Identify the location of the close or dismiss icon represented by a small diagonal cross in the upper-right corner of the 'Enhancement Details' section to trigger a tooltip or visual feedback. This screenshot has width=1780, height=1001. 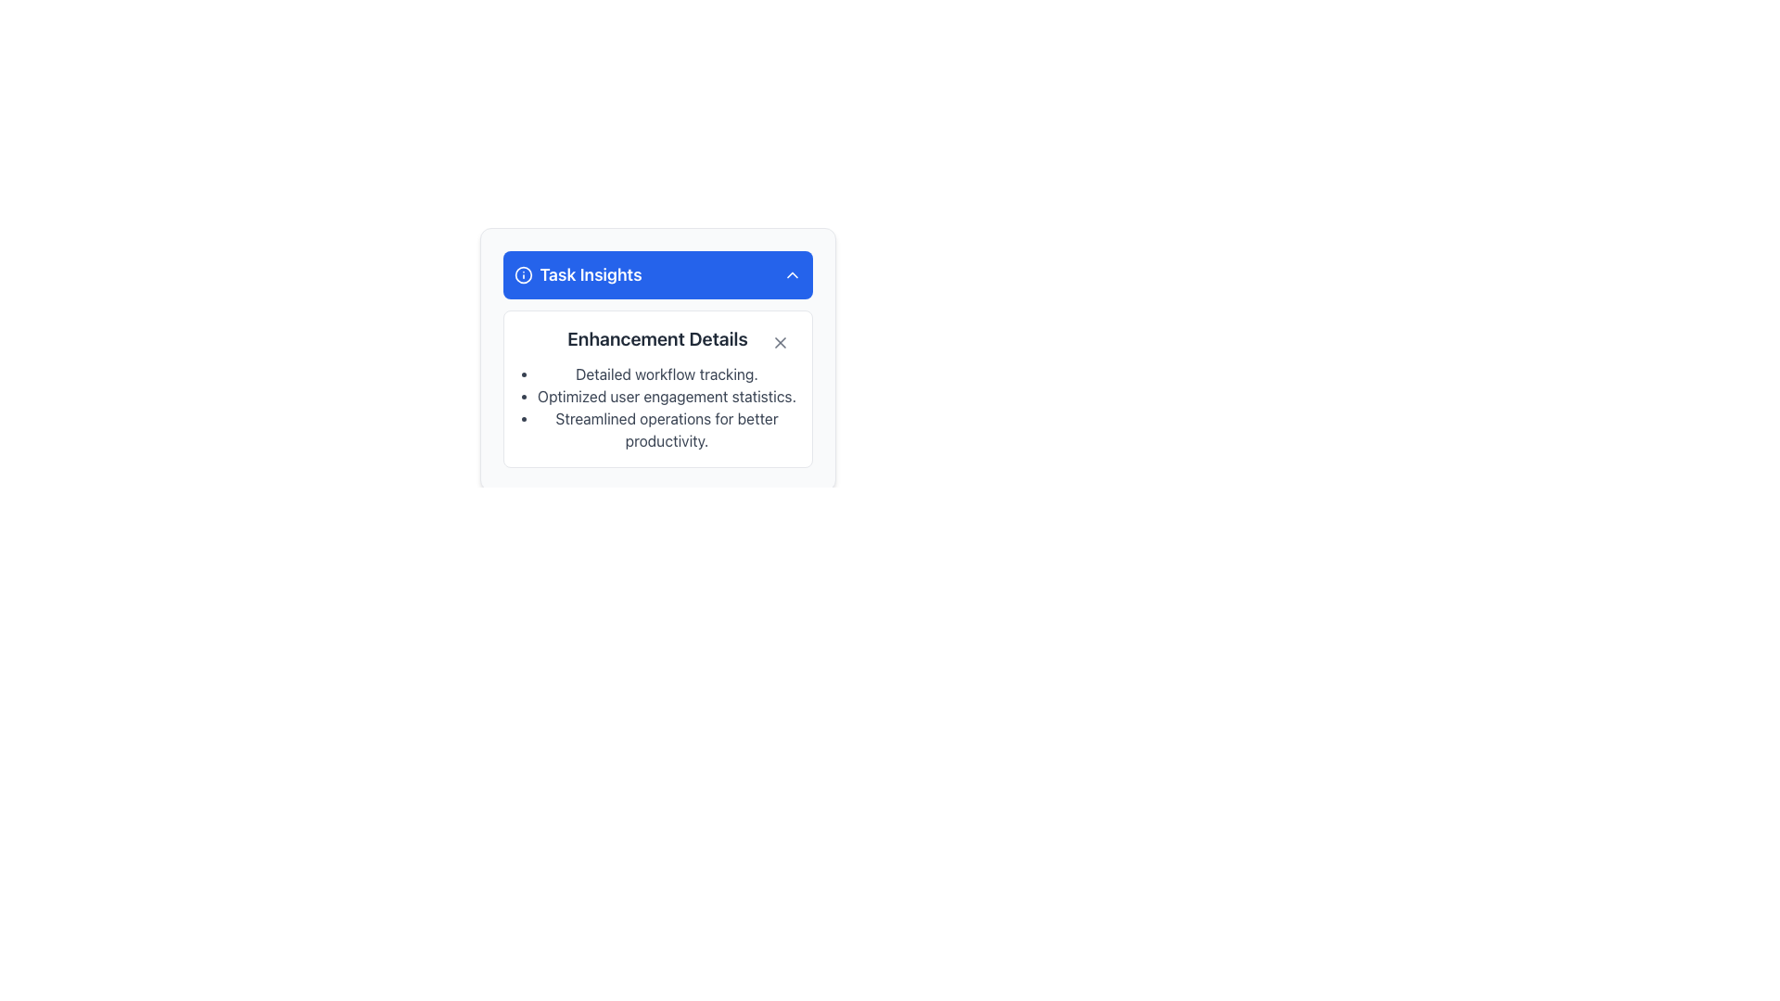
(780, 343).